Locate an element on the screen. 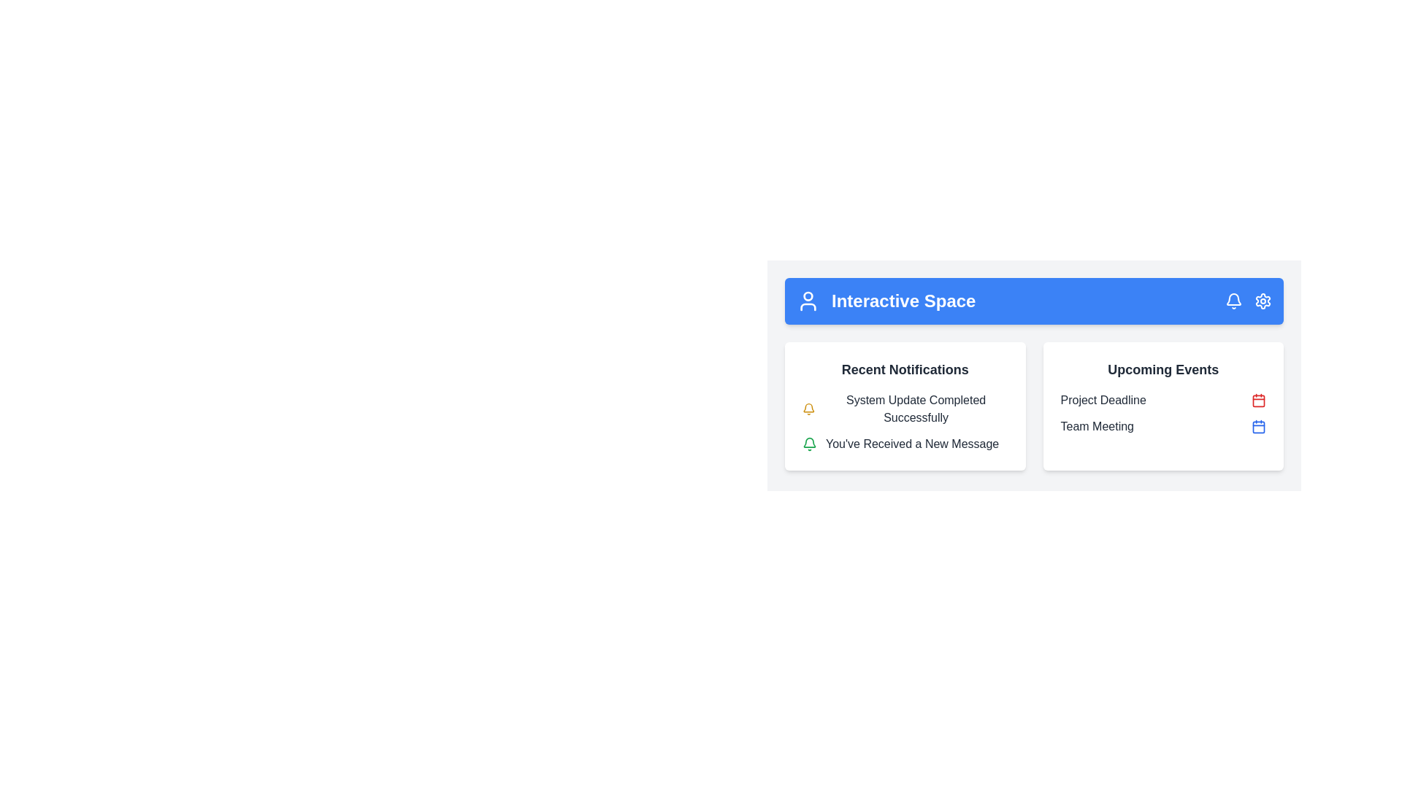 Image resolution: width=1402 pixels, height=788 pixels. calendar icon in the second row of the vertical list of event items, which is labeled 'Team Meeting' and has a blue calendar icon on the right is located at coordinates (1162, 414).